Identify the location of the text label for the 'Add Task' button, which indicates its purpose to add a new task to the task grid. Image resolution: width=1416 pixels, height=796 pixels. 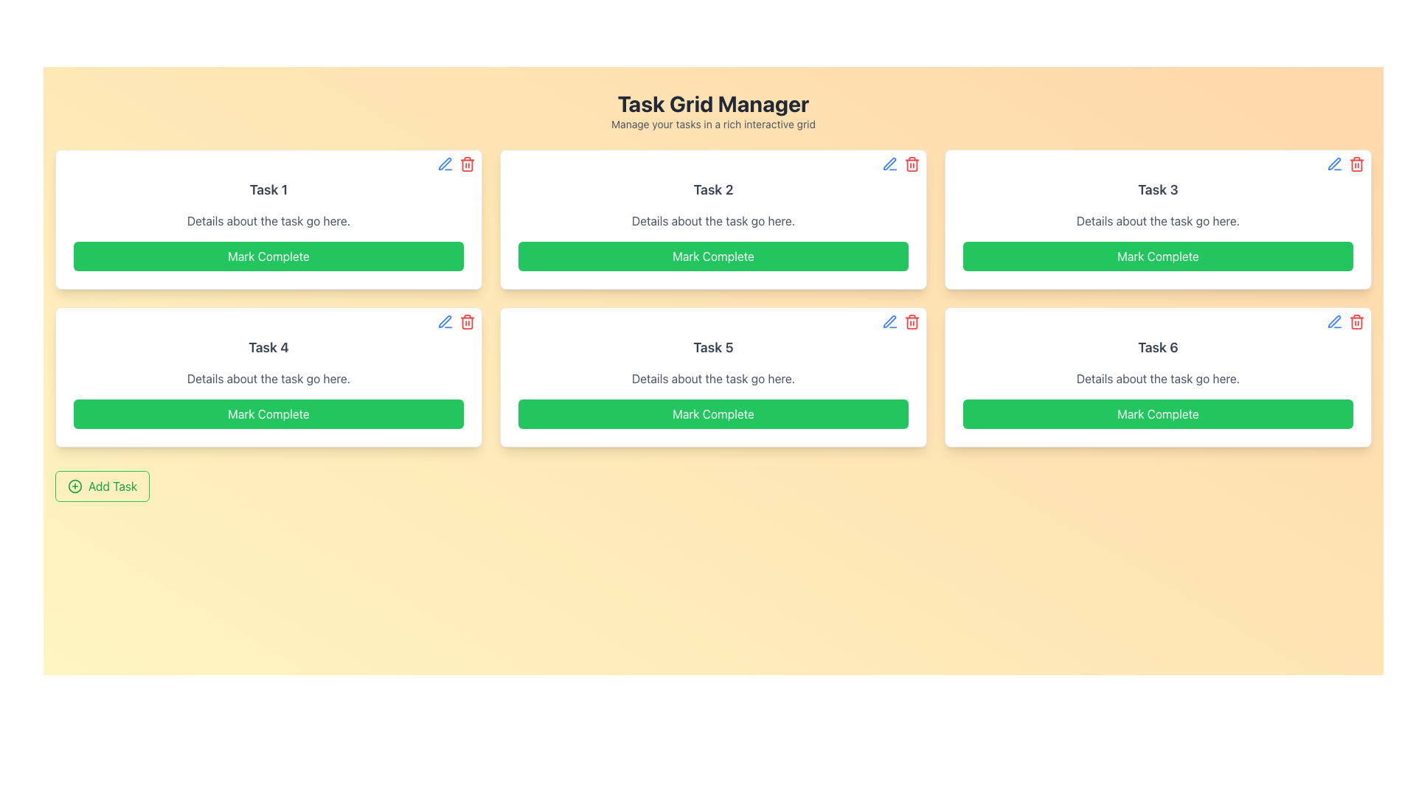
(112, 486).